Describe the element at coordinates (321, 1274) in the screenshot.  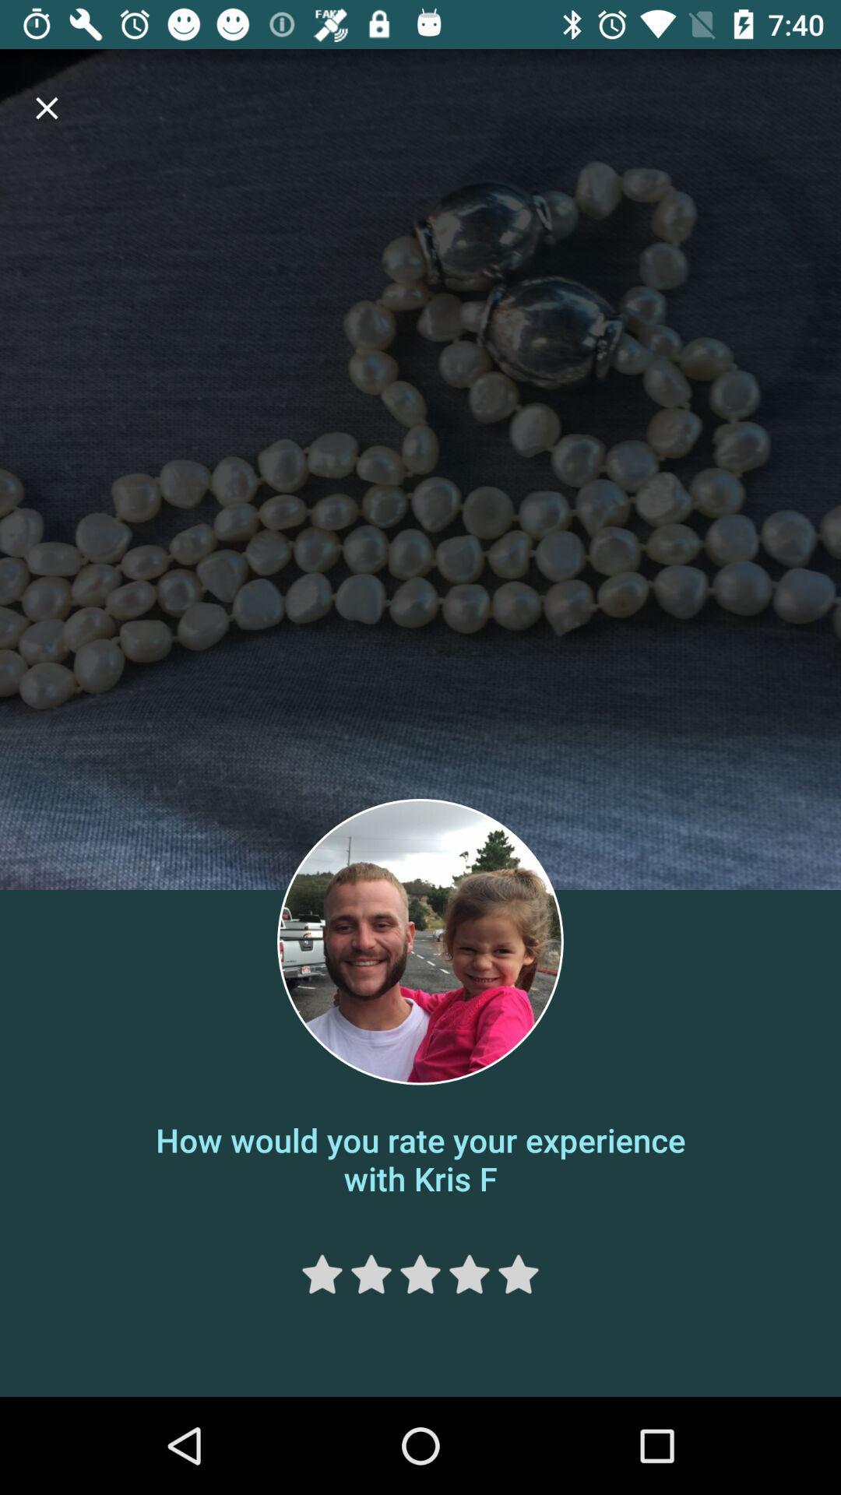
I see `one star rating` at that location.